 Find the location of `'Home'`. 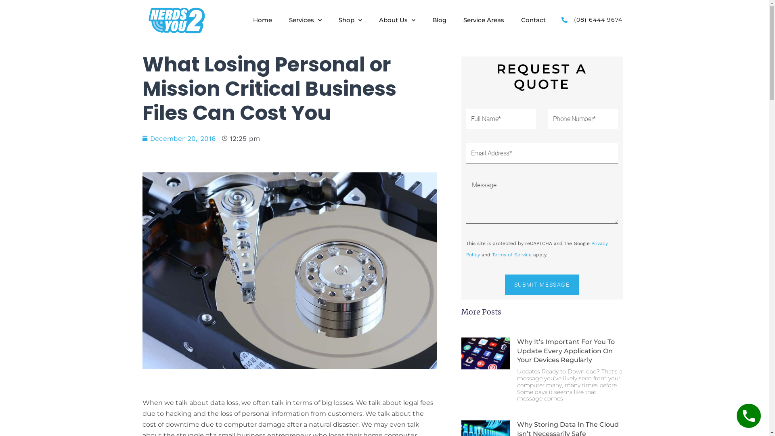

'Home' is located at coordinates (262, 20).